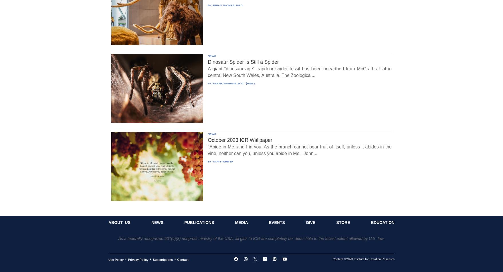 Image resolution: width=503 pixels, height=272 pixels. Describe the element at coordinates (223, 161) in the screenshot. I see `'STAFF WRITER'` at that location.